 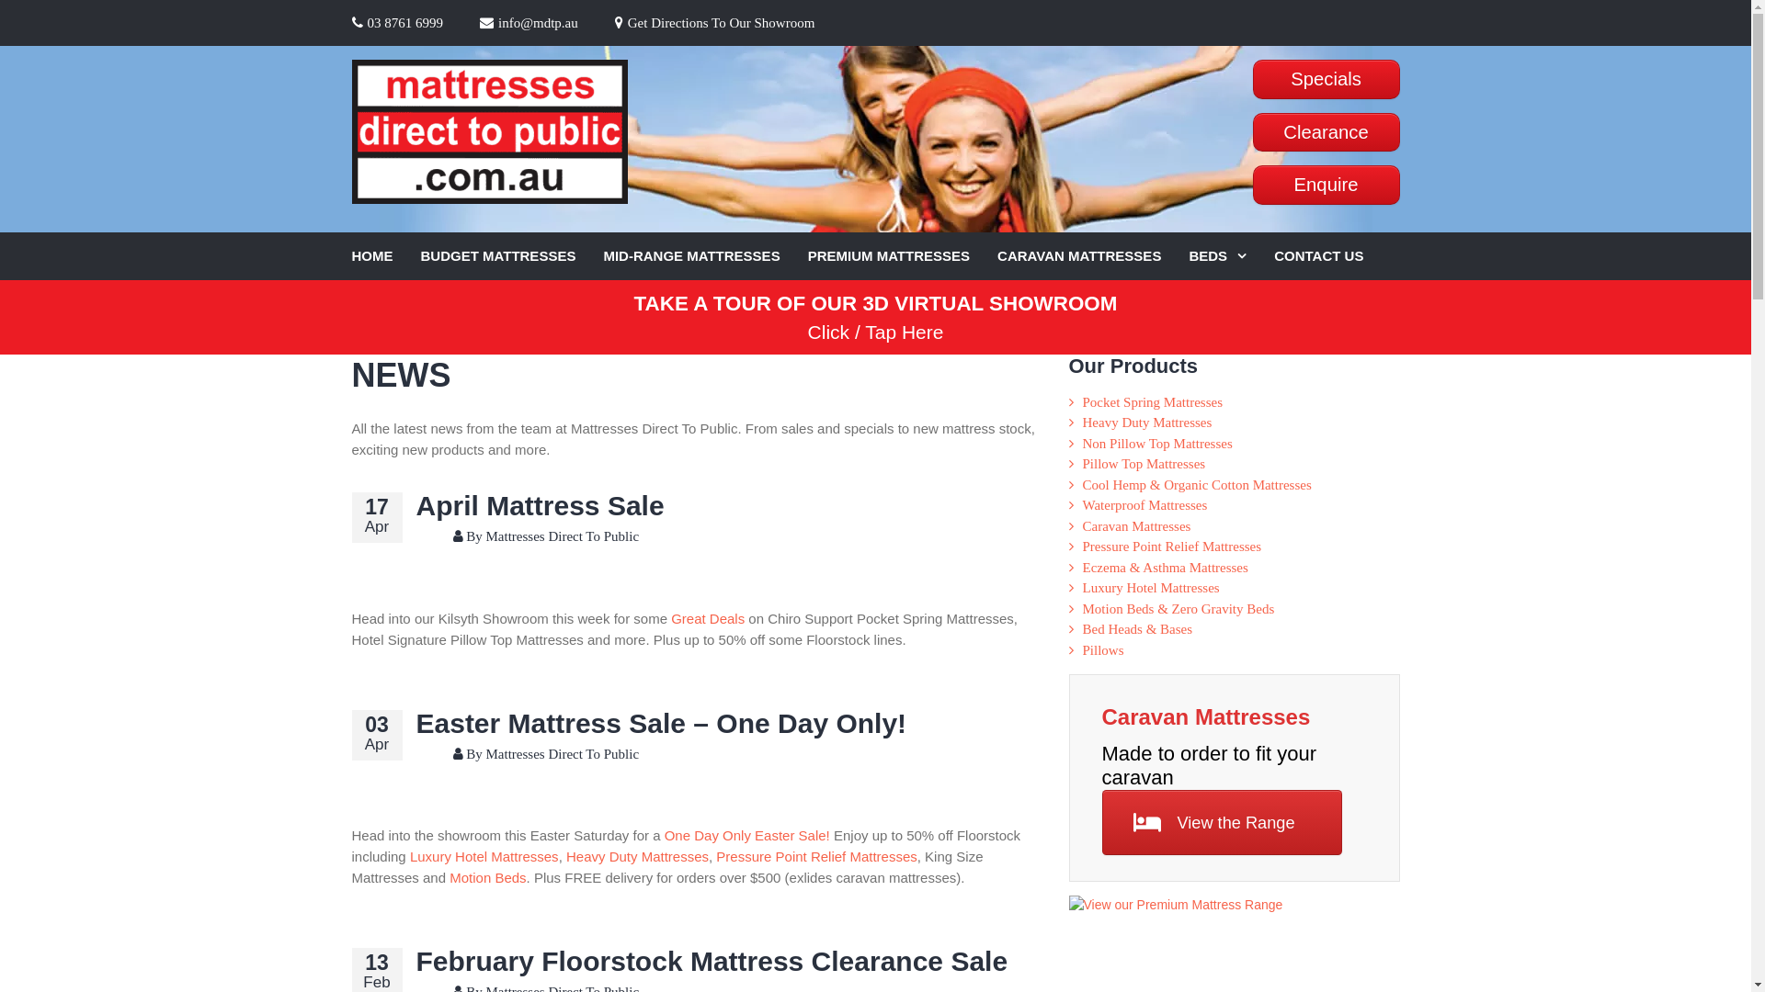 I want to click on 'Clearance', so click(x=1325, y=131).